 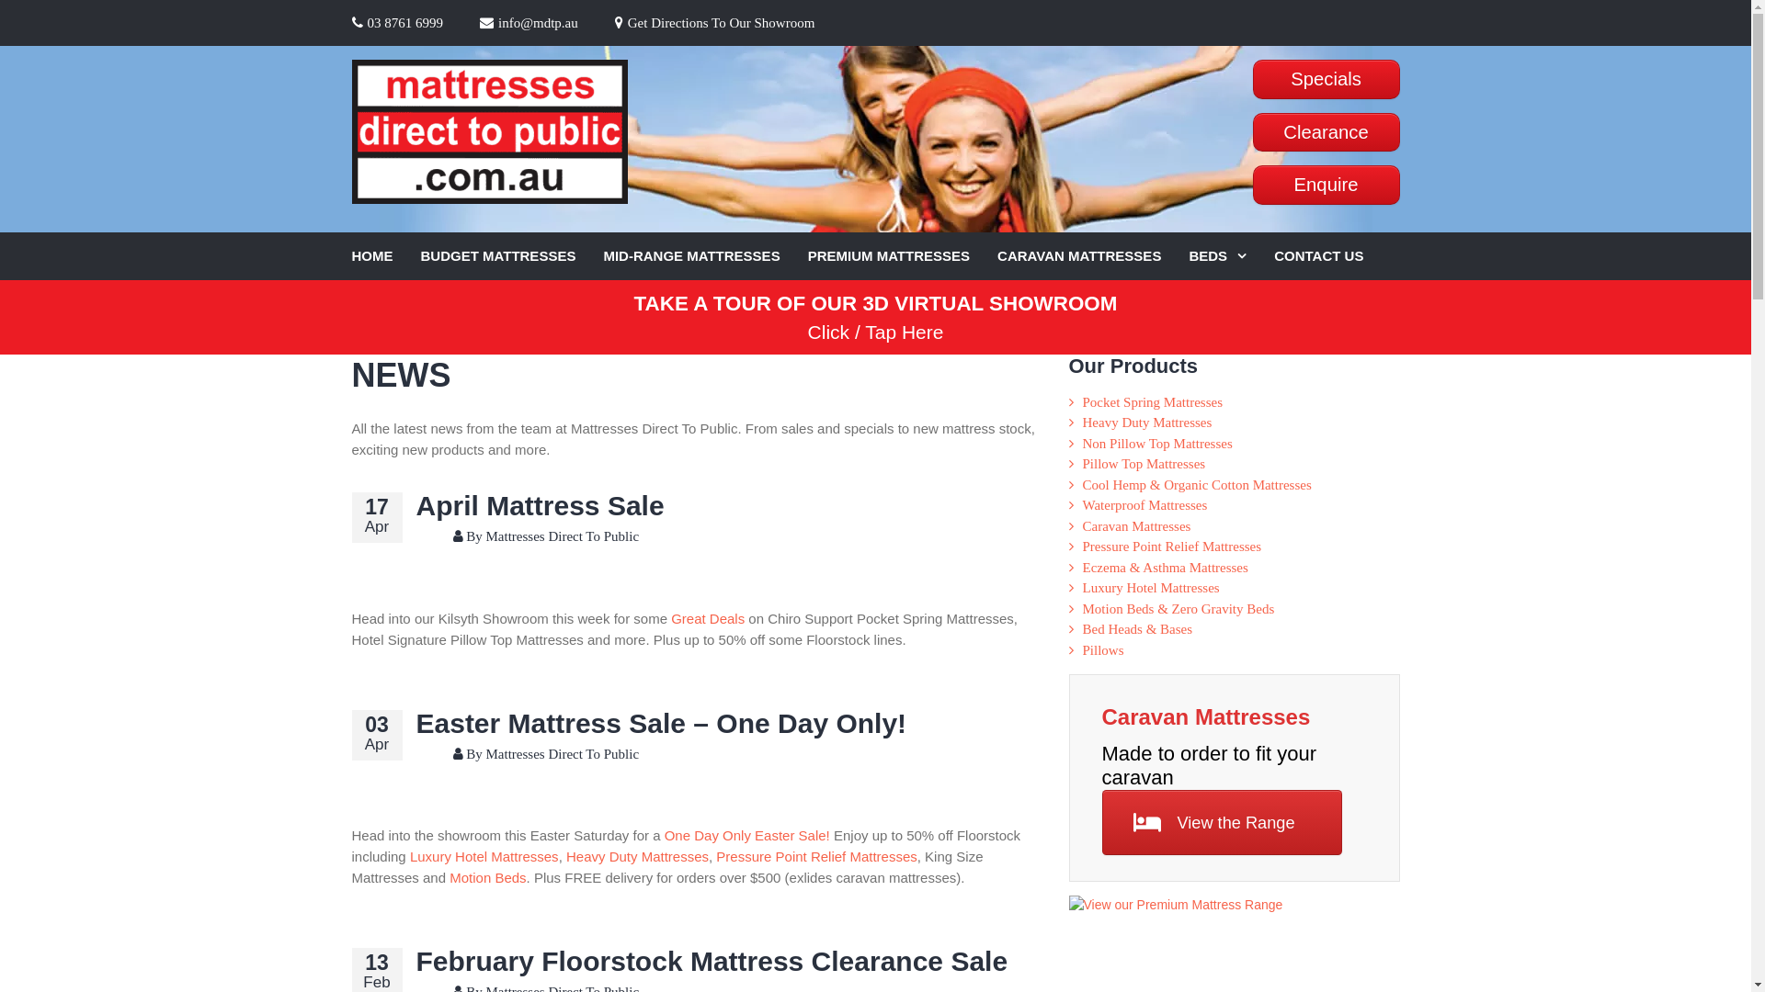 I want to click on 'Clearance', so click(x=1325, y=131).